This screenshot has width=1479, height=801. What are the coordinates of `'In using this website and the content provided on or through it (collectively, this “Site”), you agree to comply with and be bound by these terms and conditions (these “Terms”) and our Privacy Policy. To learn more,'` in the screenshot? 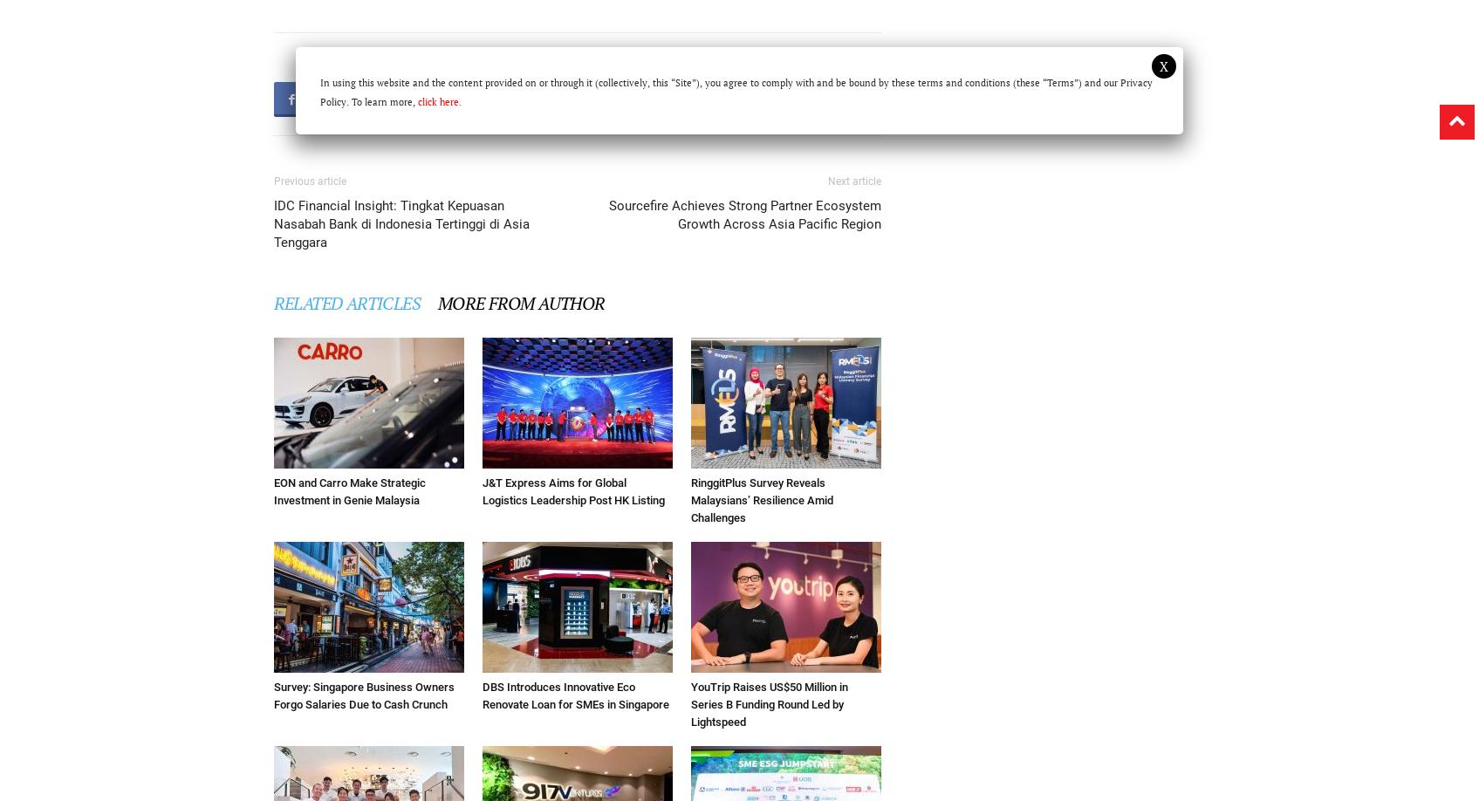 It's located at (736, 92).